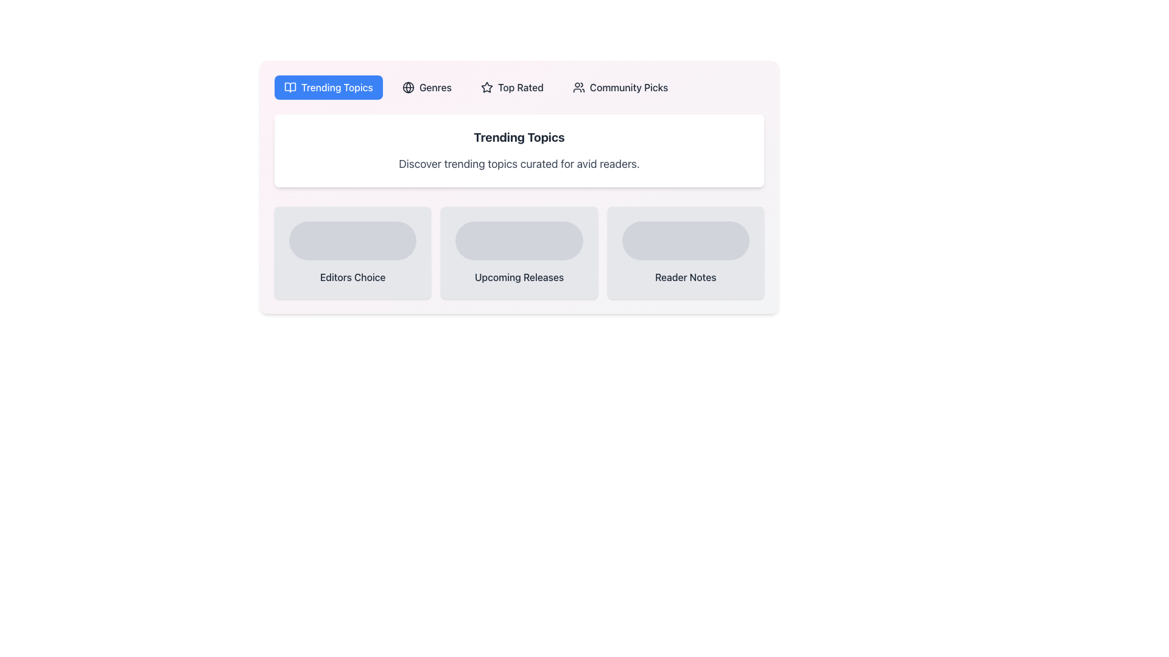  Describe the element at coordinates (486, 86) in the screenshot. I see `the star-shaped icon with a hollow center, located near the 'Top Rated' text in the navigation bar` at that location.